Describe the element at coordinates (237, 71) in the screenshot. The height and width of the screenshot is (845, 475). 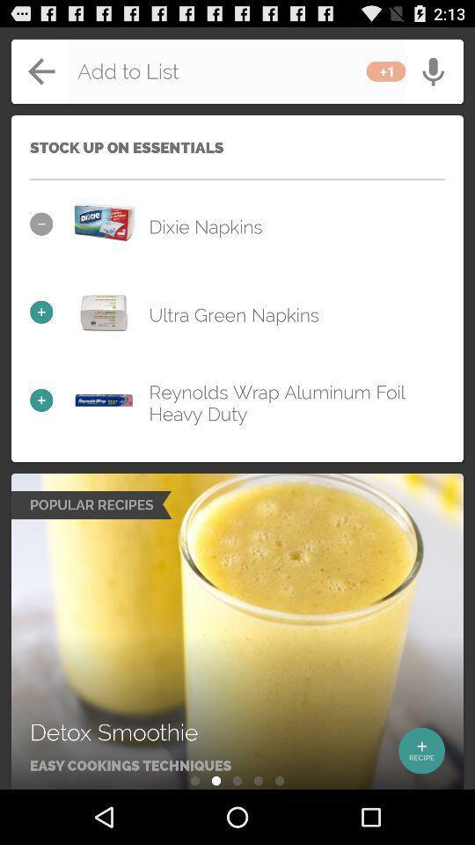
I see `back` at that location.